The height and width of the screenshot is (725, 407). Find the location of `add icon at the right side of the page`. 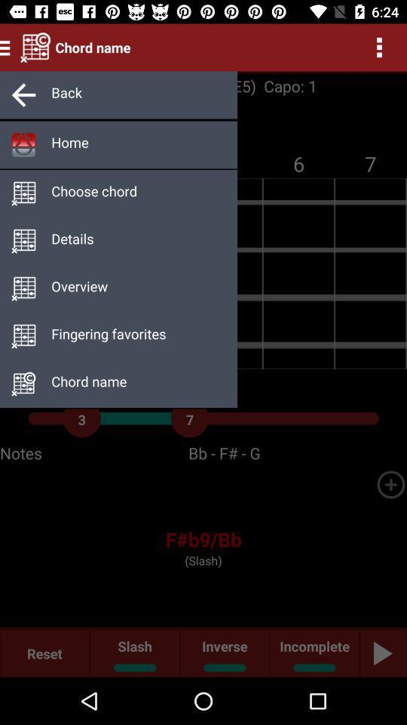

add icon at the right side of the page is located at coordinates (390, 484).